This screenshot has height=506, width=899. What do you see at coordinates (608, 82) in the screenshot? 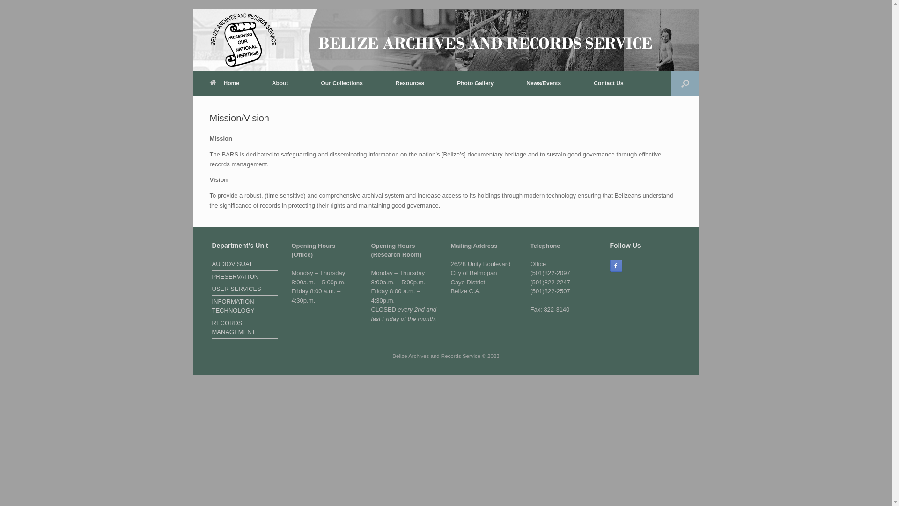
I see `'Contact Us'` at bounding box center [608, 82].